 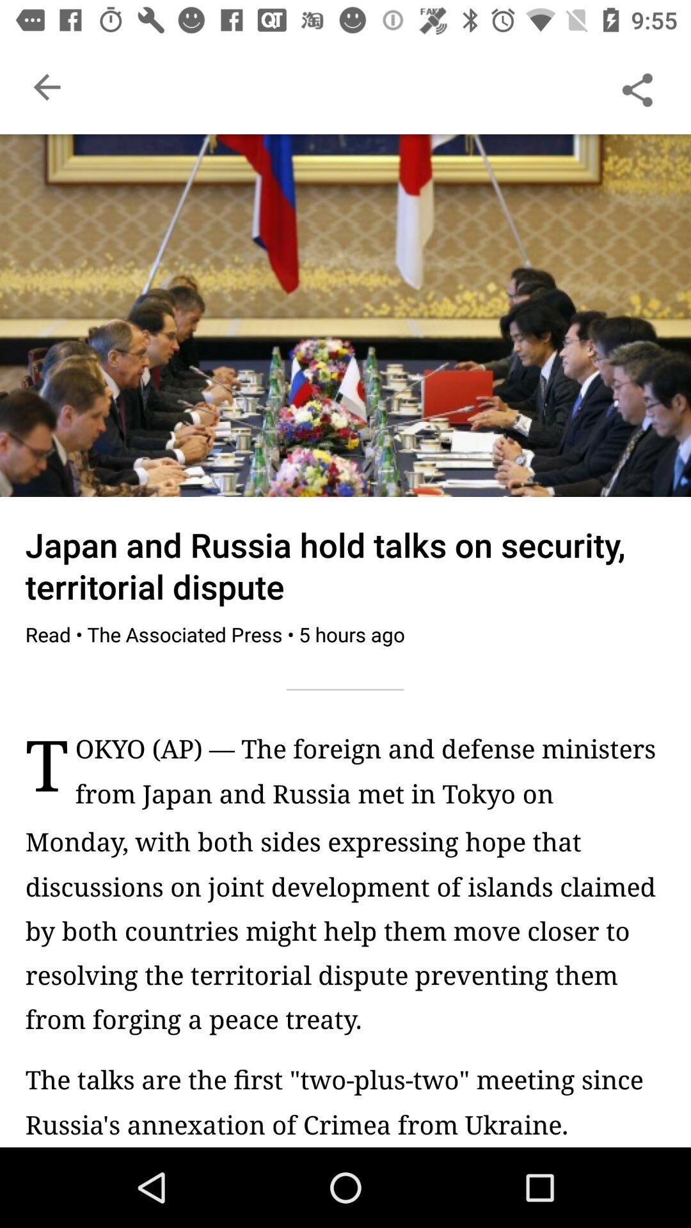 I want to click on the item at the top right corner, so click(x=637, y=86).